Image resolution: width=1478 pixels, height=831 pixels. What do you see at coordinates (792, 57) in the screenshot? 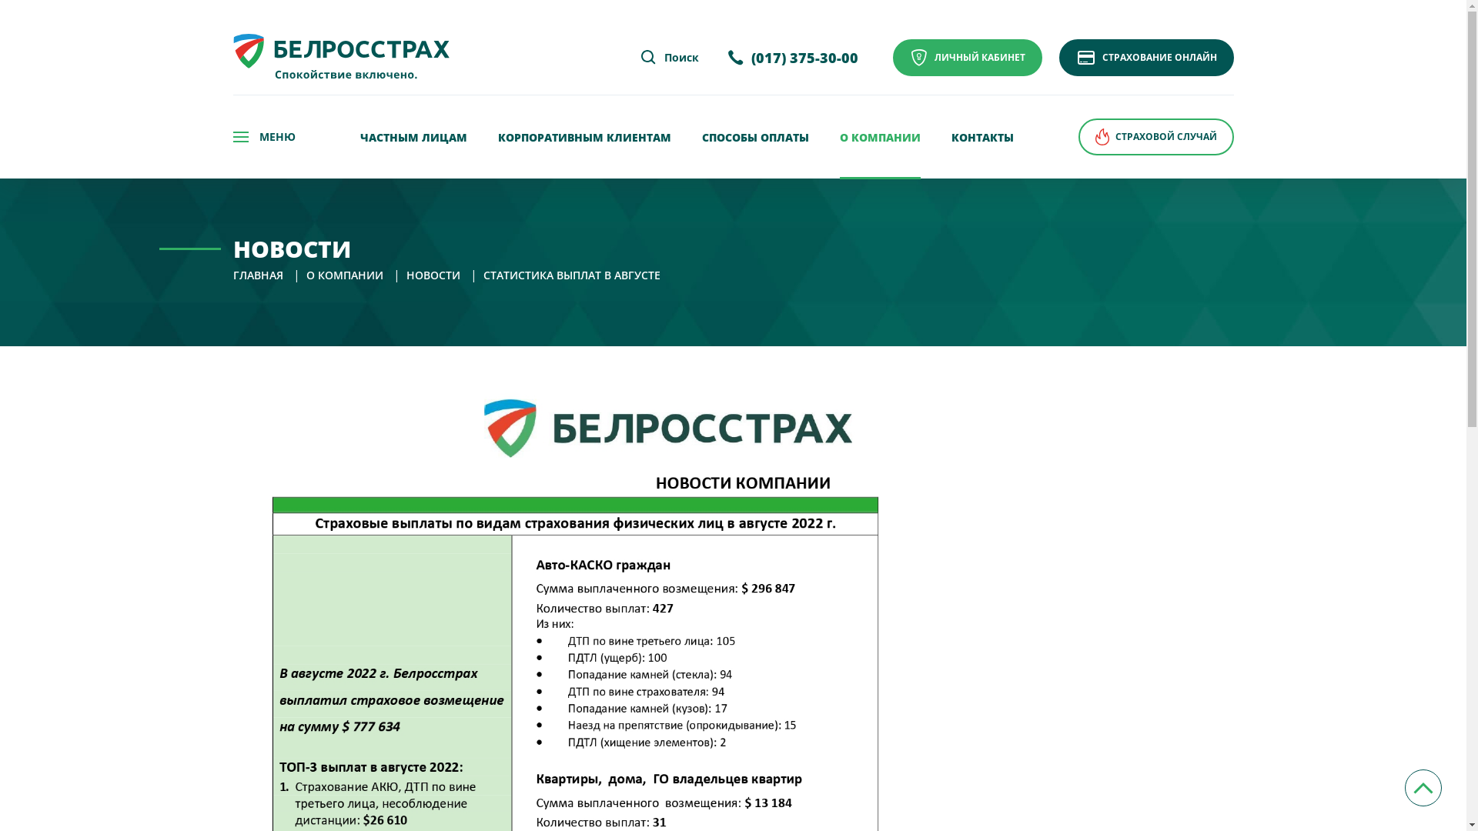
I see `'(017) 375-30-00'` at bounding box center [792, 57].